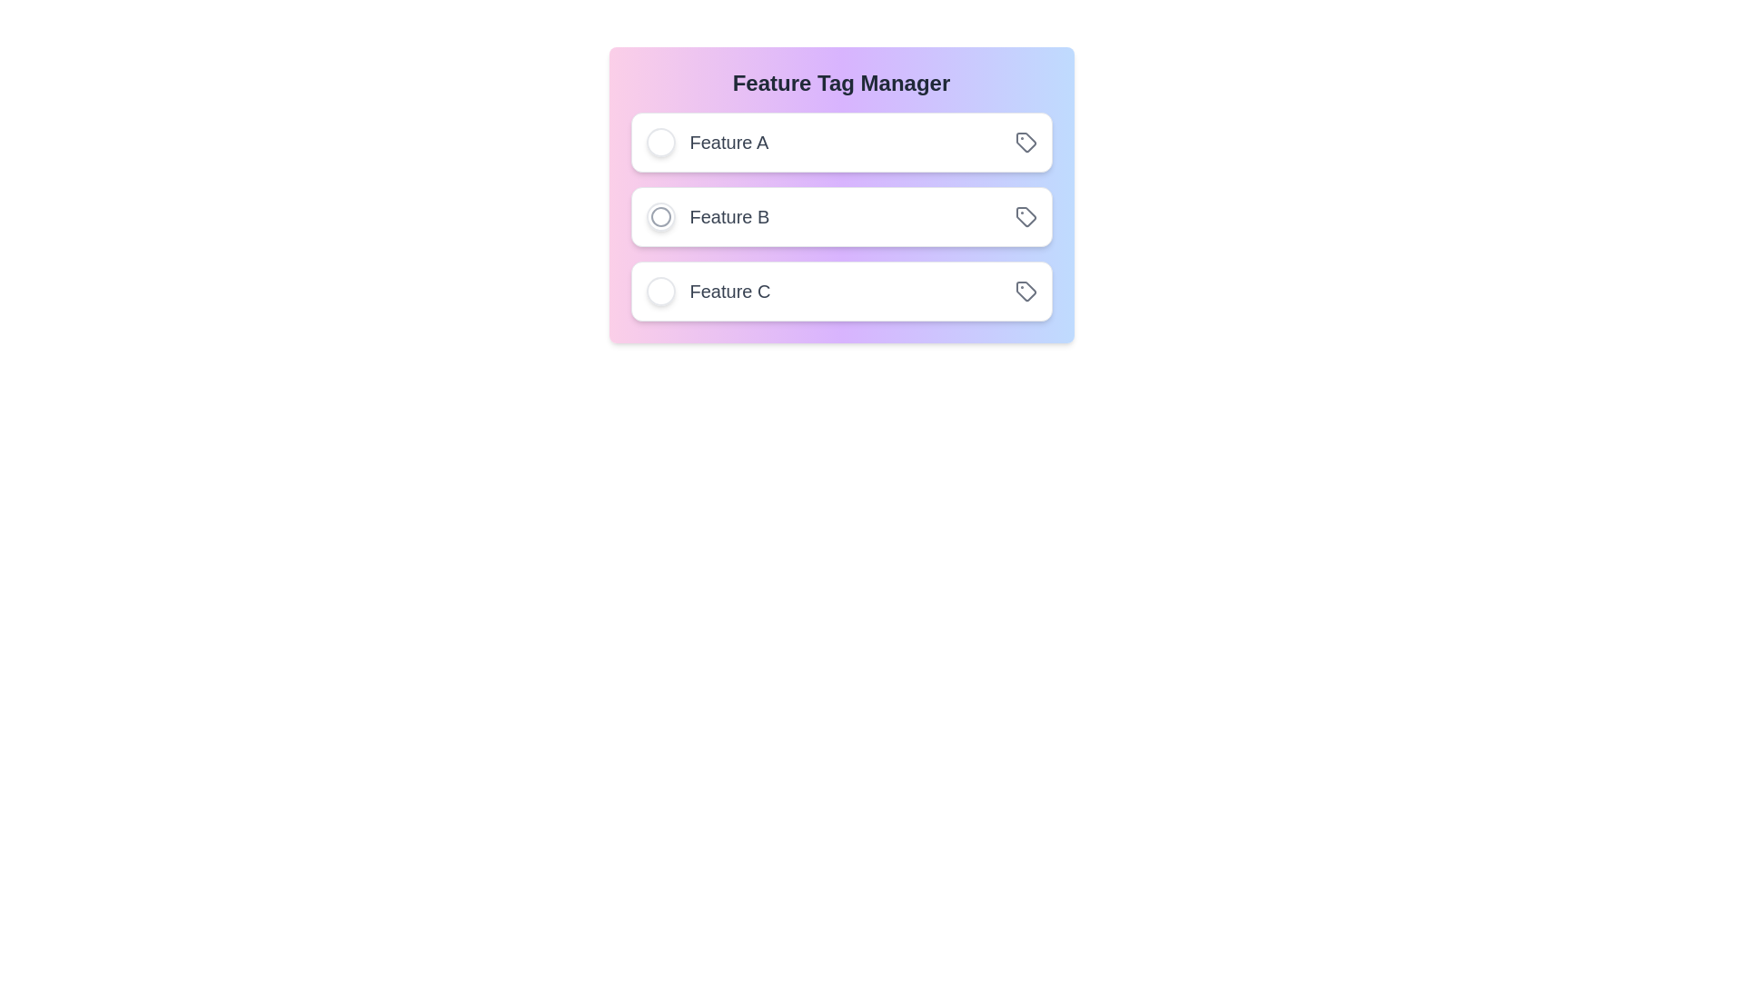 The width and height of the screenshot is (1744, 981). Describe the element at coordinates (729, 216) in the screenshot. I see `the text label element displaying 'Feature B', which is styled with a large, bold gray font and is positioned between a circular icon and a tag icon in the feature manager panel` at that location.